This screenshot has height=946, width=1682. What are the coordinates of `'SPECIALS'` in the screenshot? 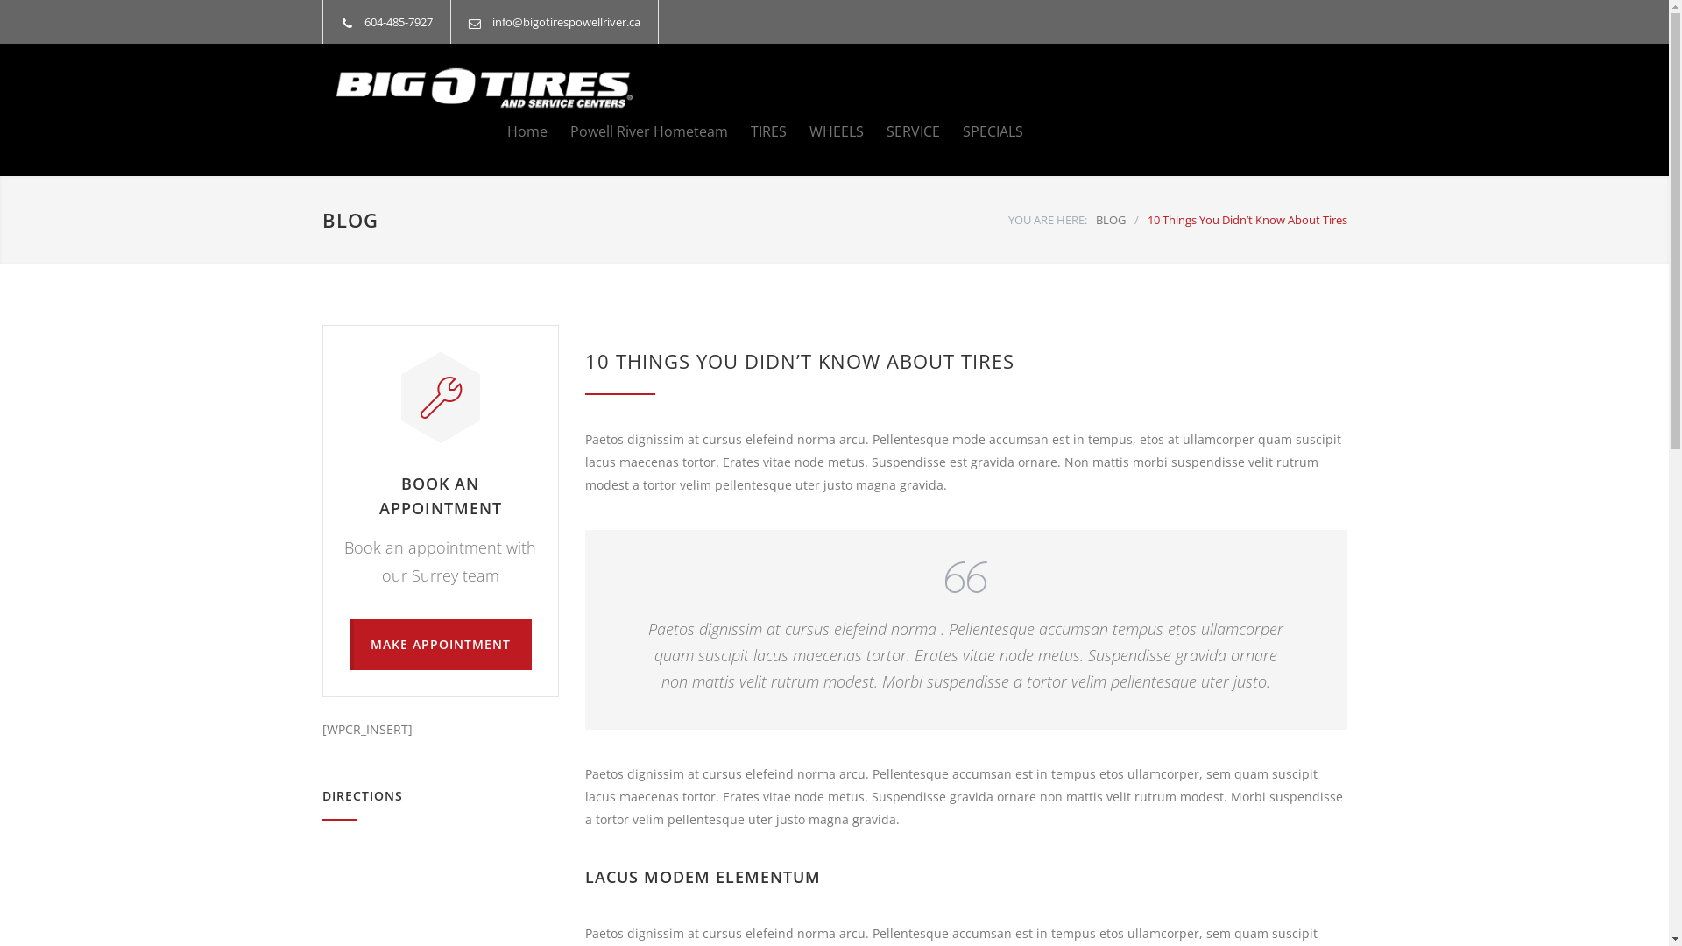 It's located at (979, 131).